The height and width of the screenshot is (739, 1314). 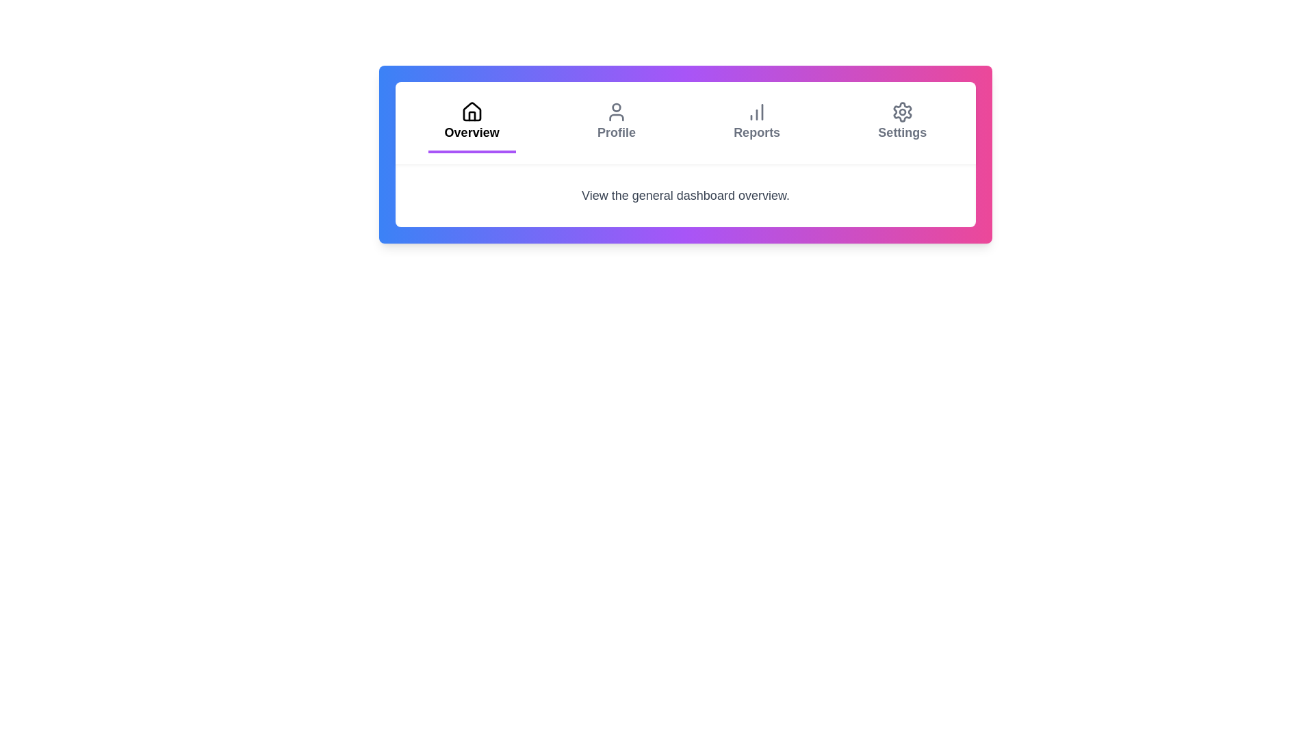 What do you see at coordinates (756, 112) in the screenshot?
I see `the column chart icon, which is part of the 'Reports' button in the top navigation bar` at bounding box center [756, 112].